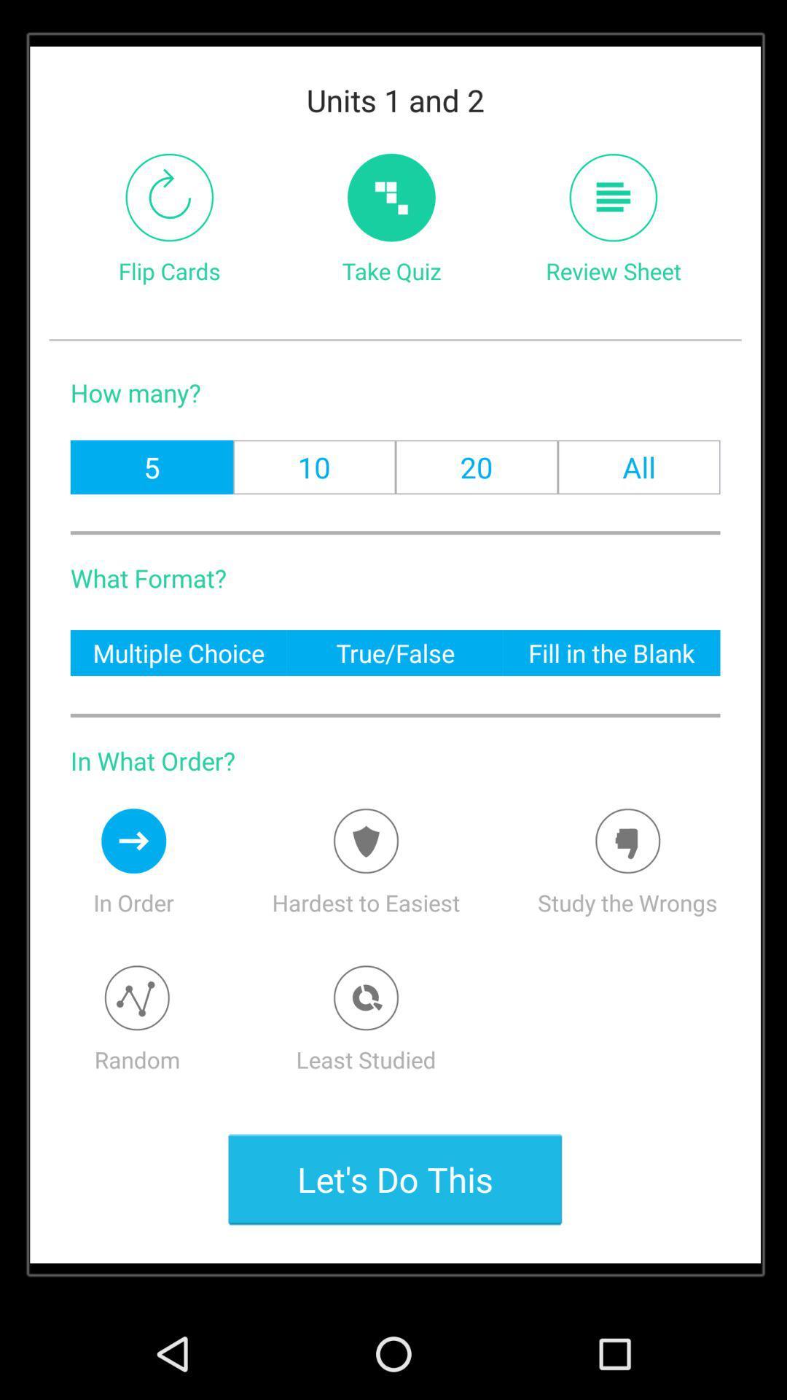  What do you see at coordinates (395, 652) in the screenshot?
I see `true/false item` at bounding box center [395, 652].